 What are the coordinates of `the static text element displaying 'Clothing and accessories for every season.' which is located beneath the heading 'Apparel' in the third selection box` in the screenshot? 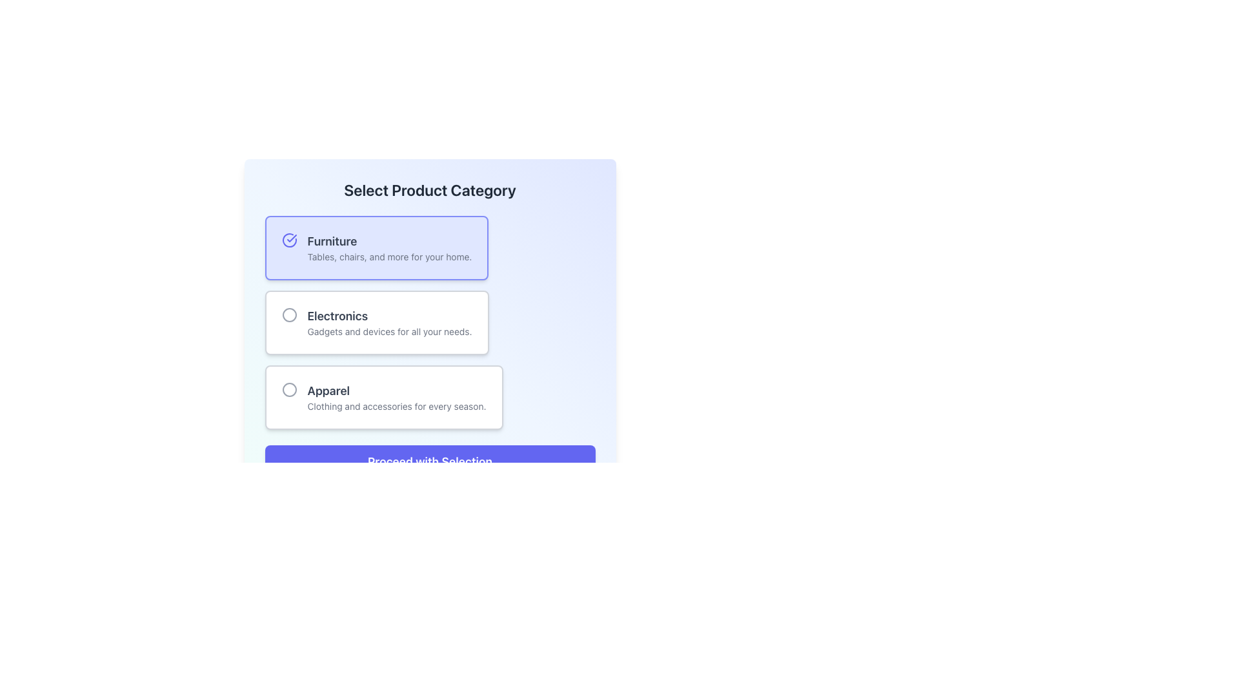 It's located at (396, 407).